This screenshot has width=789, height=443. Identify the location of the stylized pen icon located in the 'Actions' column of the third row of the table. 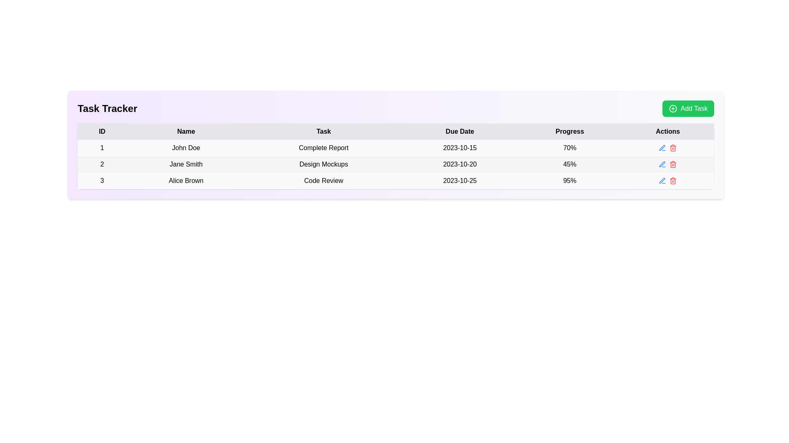
(662, 148).